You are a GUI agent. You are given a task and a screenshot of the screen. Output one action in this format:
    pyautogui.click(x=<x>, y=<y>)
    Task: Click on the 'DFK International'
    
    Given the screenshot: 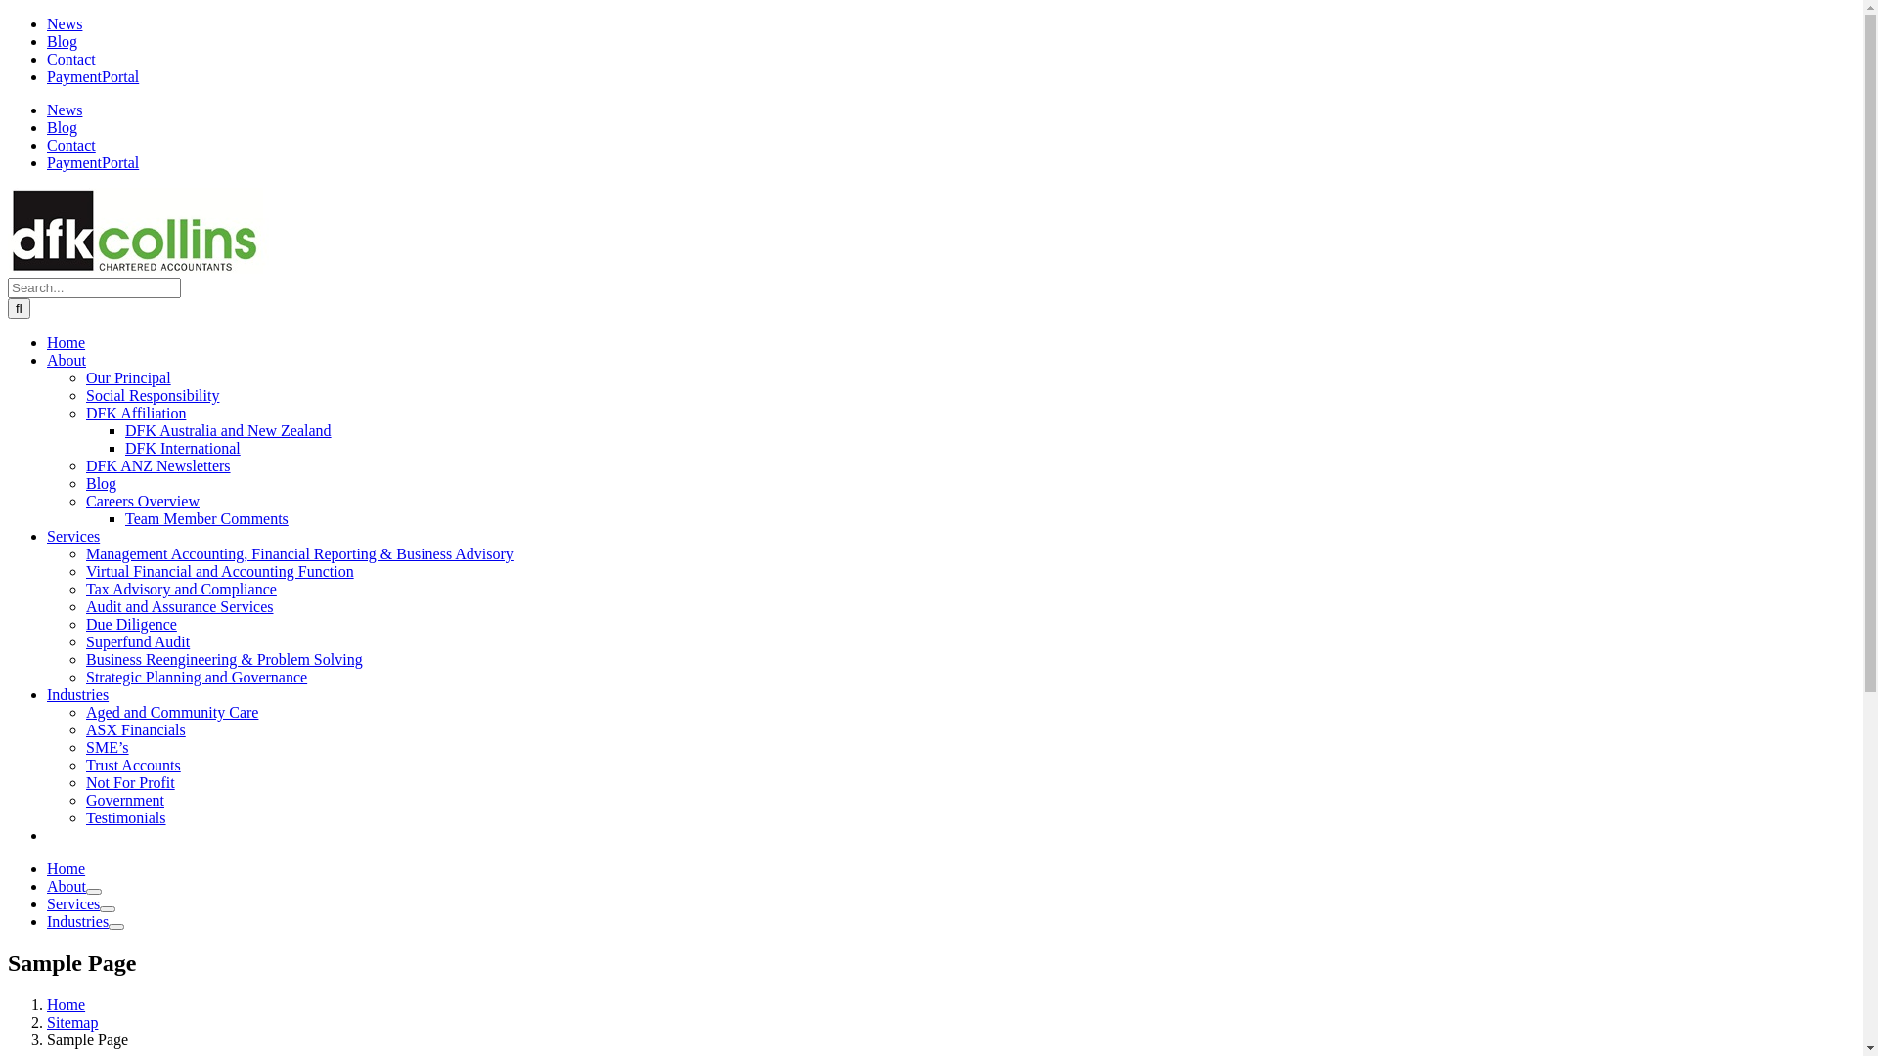 What is the action you would take?
    pyautogui.click(x=183, y=448)
    